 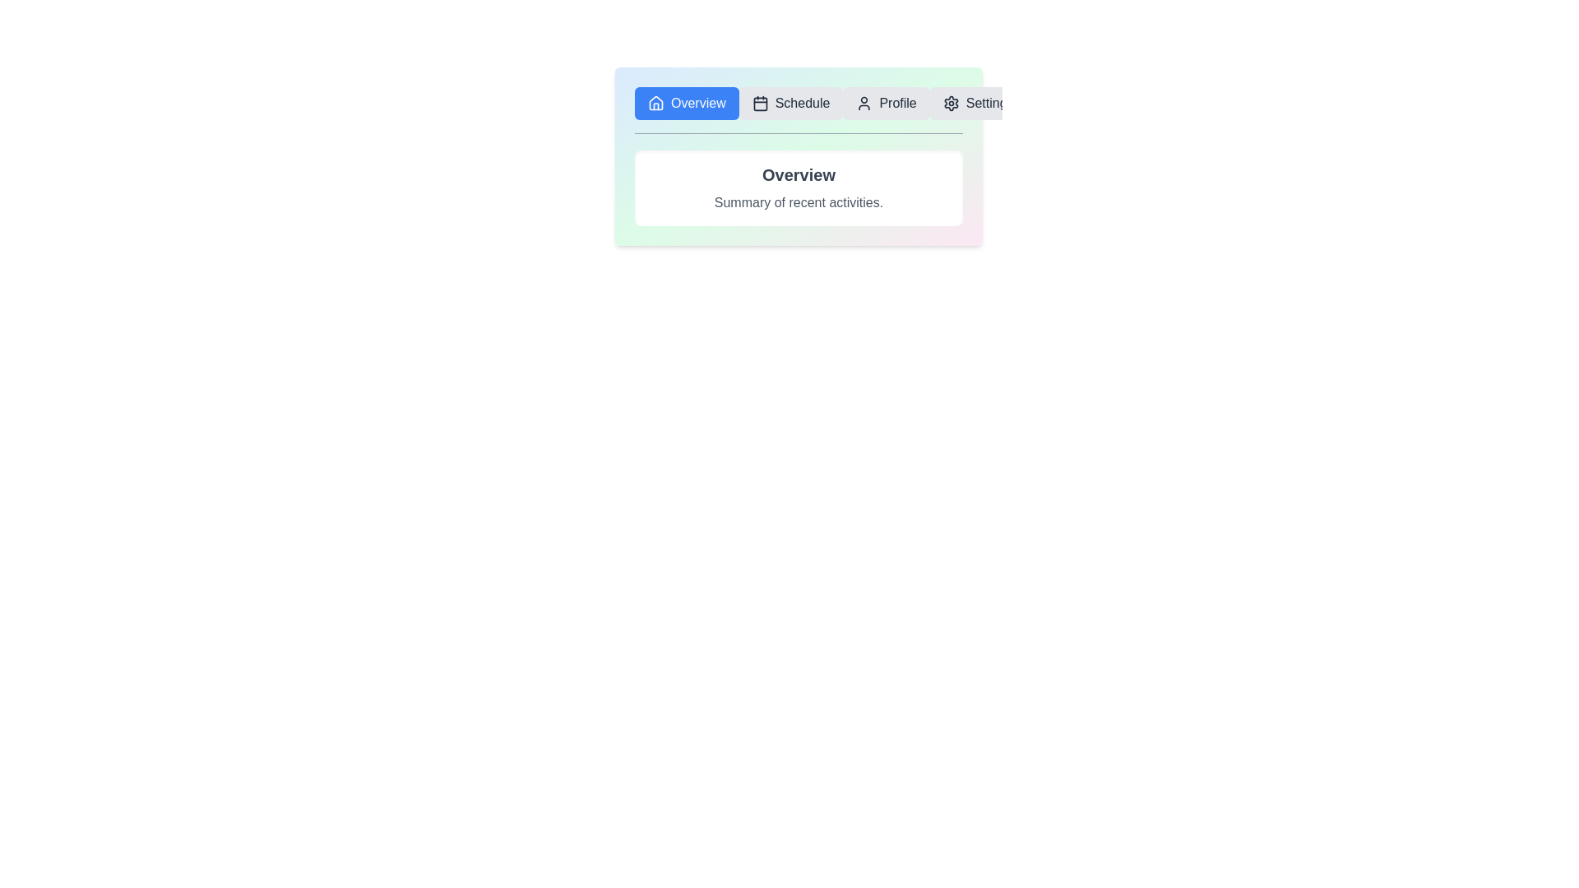 I want to click on the tab labeled Schedule, so click(x=791, y=104).